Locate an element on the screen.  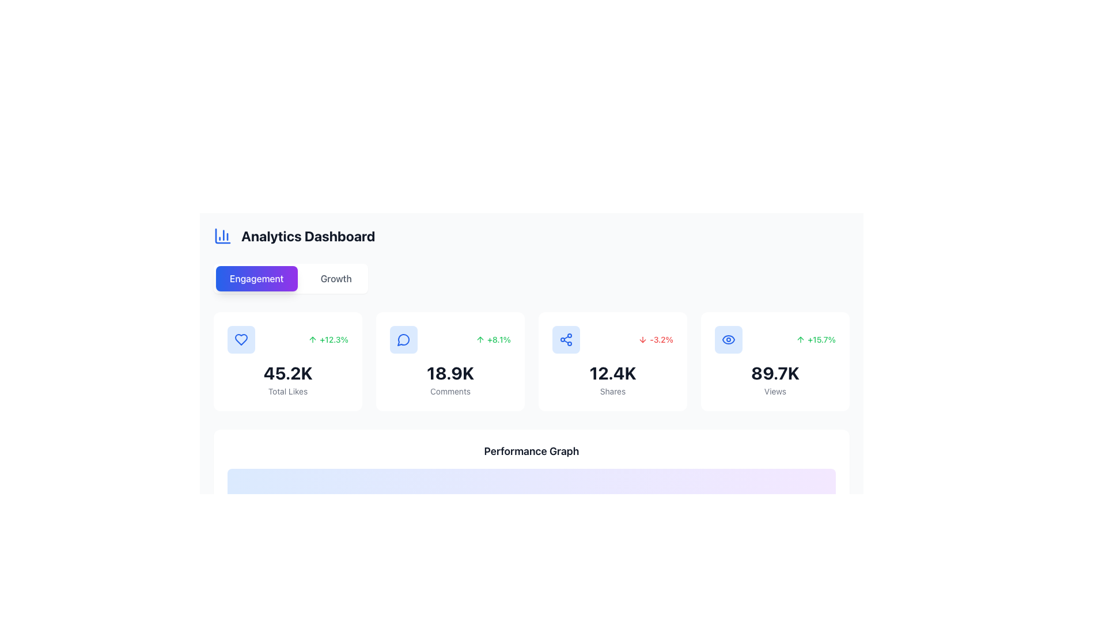
the 'Views' icon, which is positioned in the last column of a group of cards representing statistical metrics, specifically is located at coordinates (728, 339).